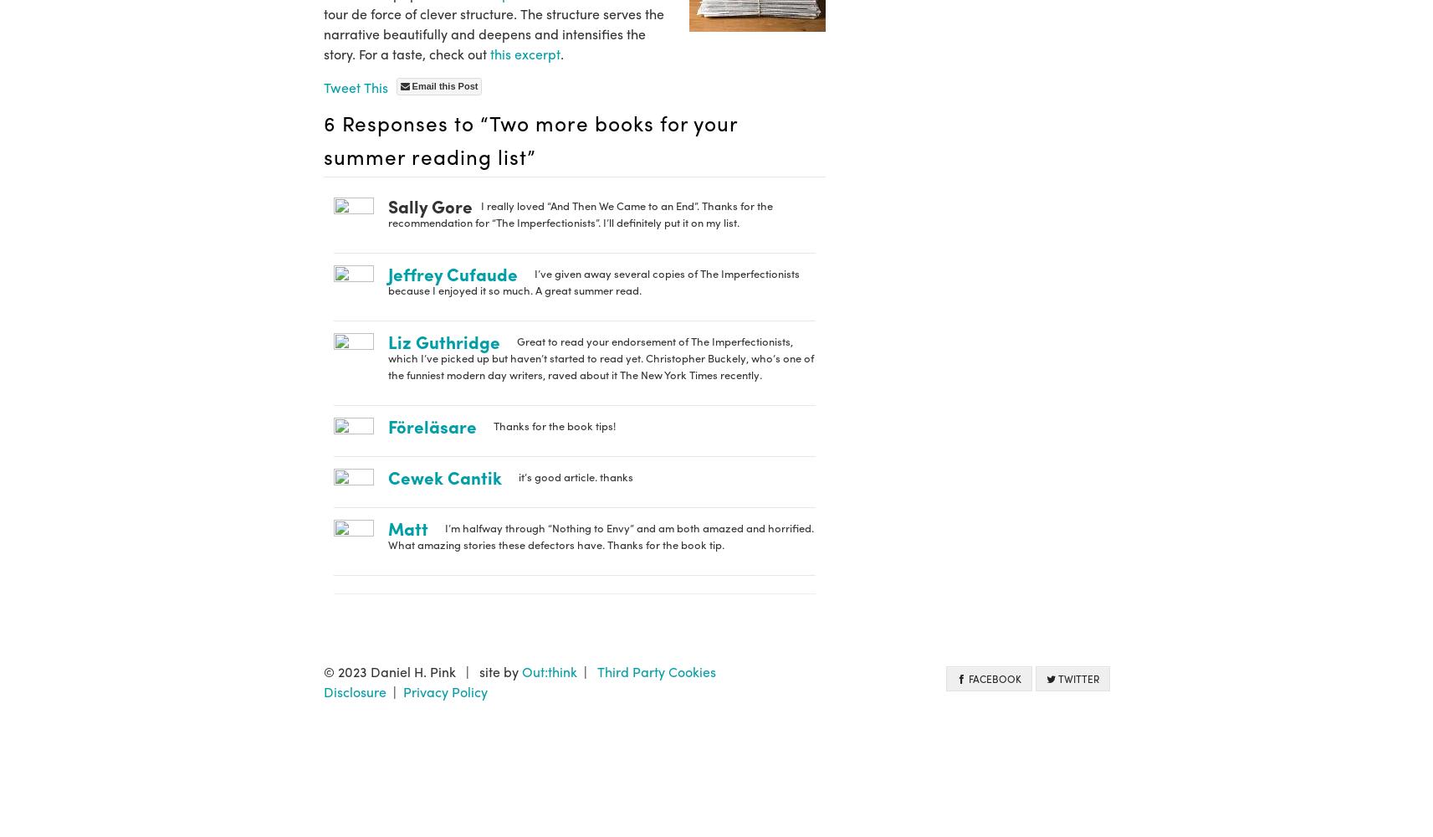 The height and width of the screenshot is (837, 1433). What do you see at coordinates (386, 536) in the screenshot?
I see `'I’m halfway through “Nothing to Envy” and am both amazed and horrified.  What amazing stories these defectors have.  Thanks for the book tip.'` at bounding box center [386, 536].